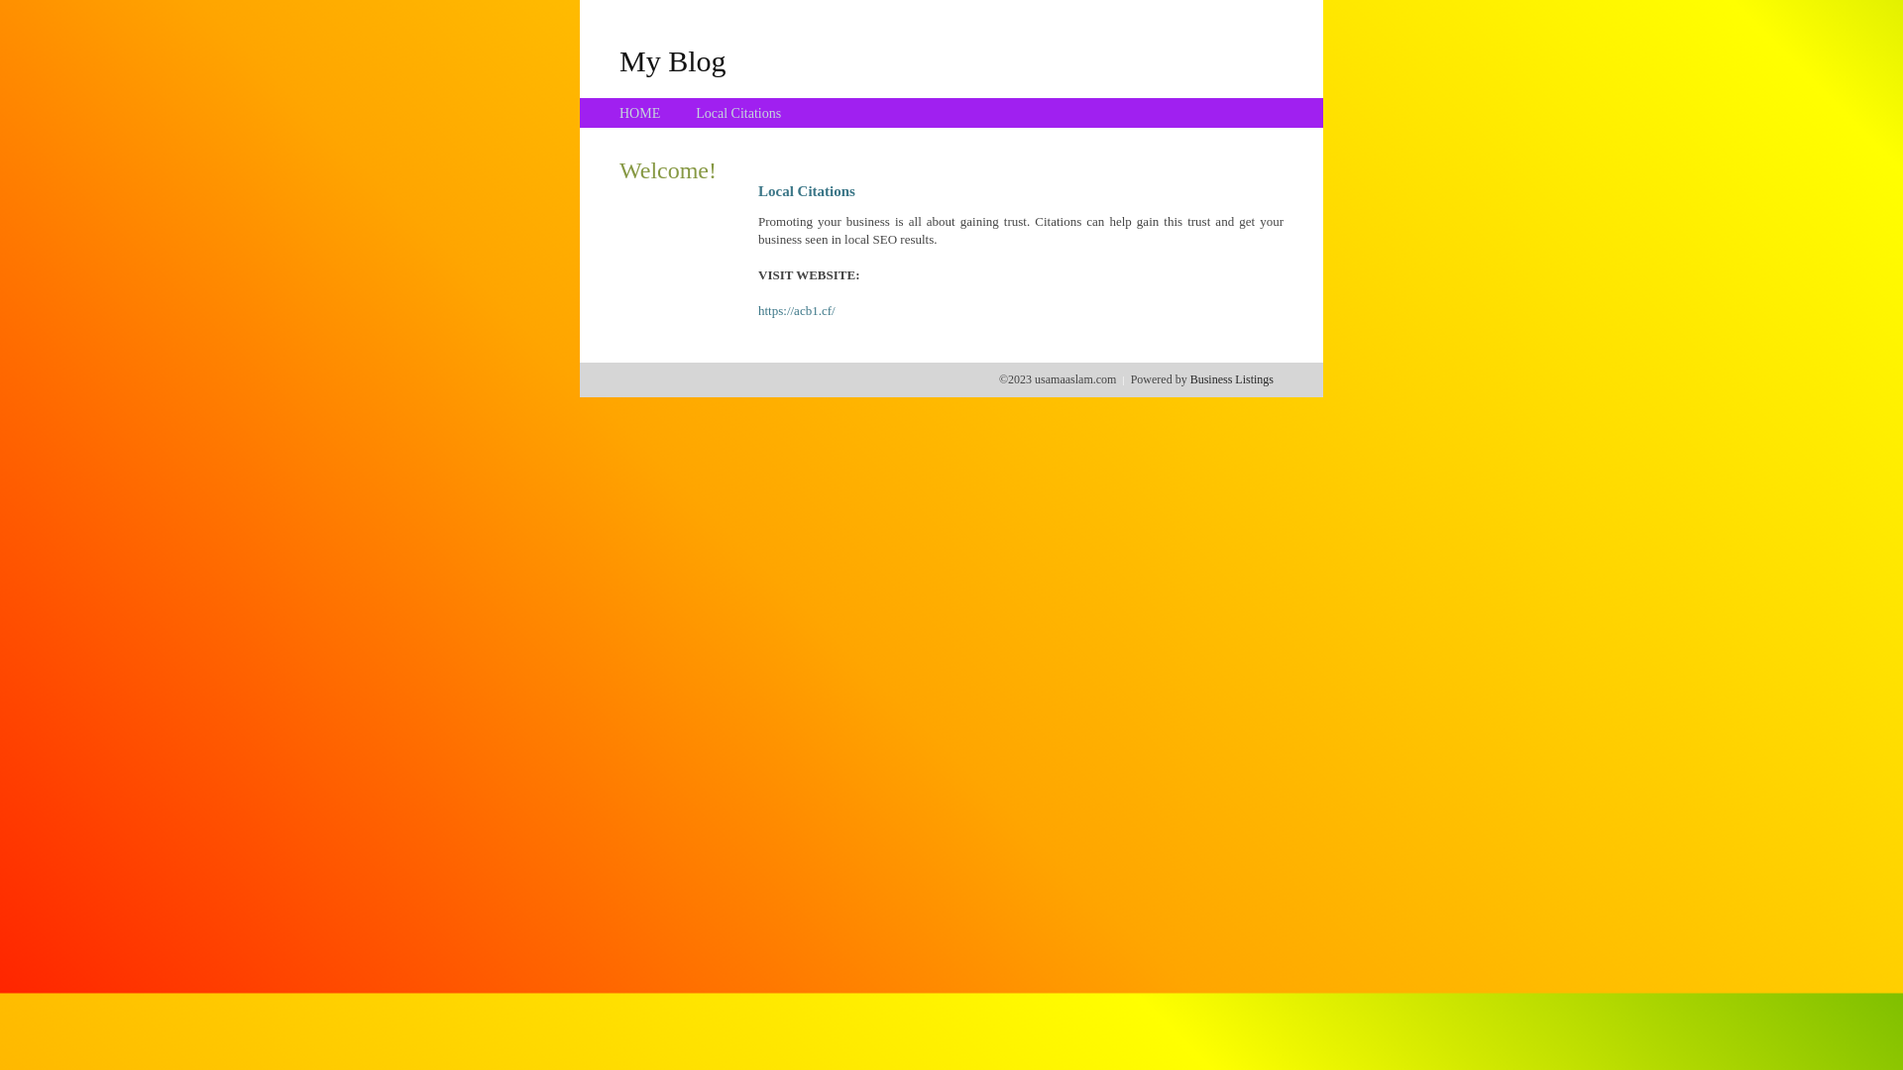 The height and width of the screenshot is (1070, 1903). What do you see at coordinates (1189, 378) in the screenshot?
I see `'Business Listings'` at bounding box center [1189, 378].